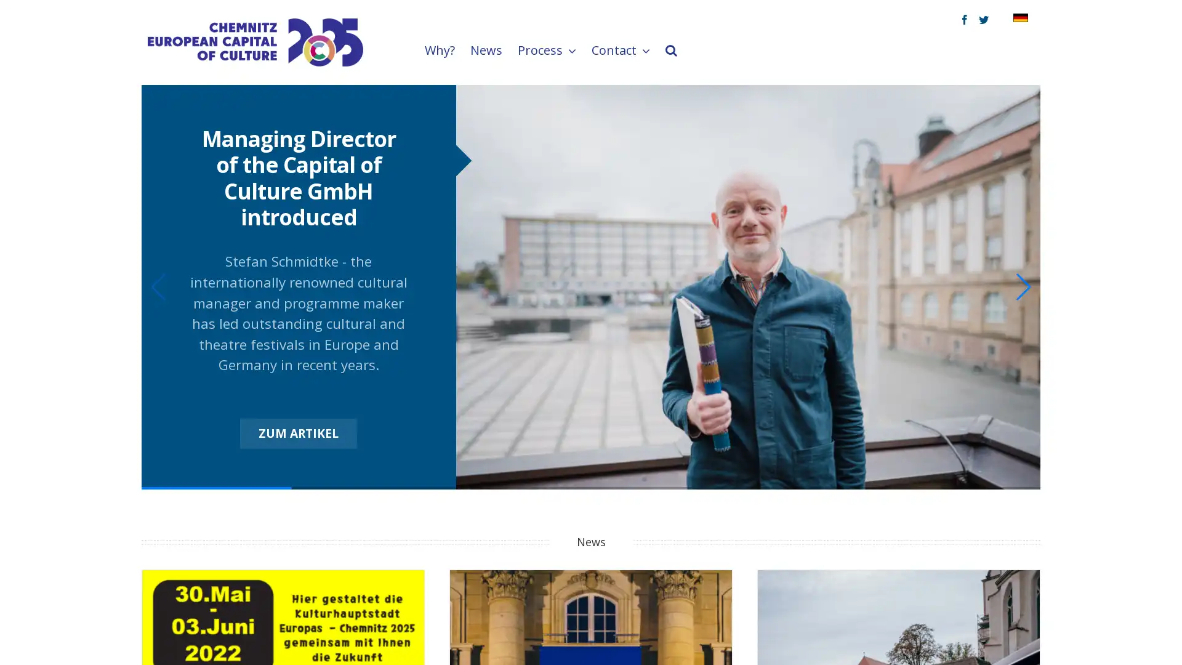 The width and height of the screenshot is (1182, 665). I want to click on Previous slide, so click(158, 287).